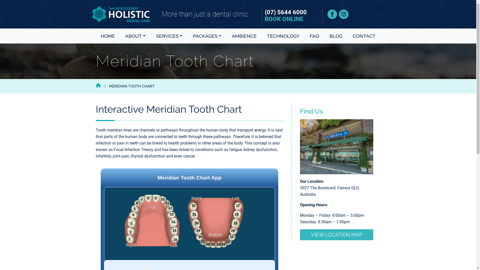  What do you see at coordinates (261, 12) in the screenshot?
I see `'(07) 5644 6000'` at bounding box center [261, 12].